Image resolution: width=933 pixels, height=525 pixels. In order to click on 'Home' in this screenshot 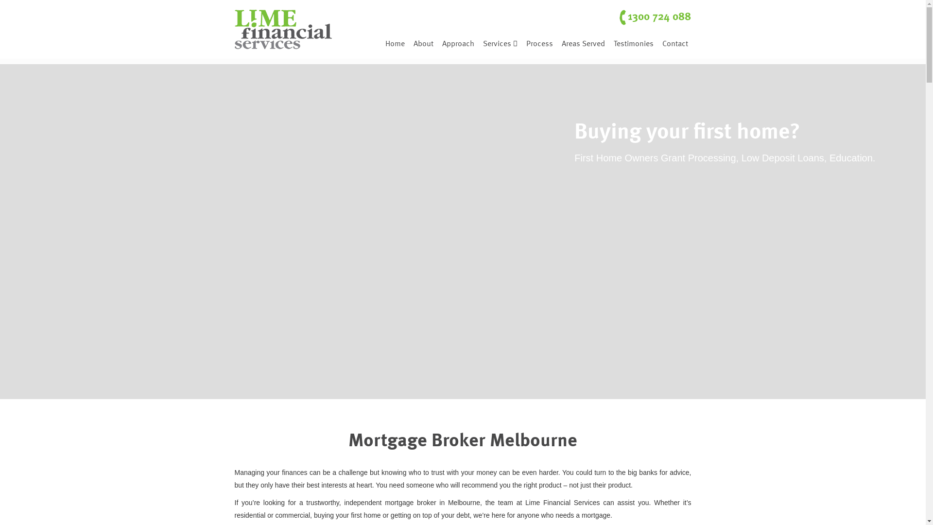, I will do `click(395, 40)`.